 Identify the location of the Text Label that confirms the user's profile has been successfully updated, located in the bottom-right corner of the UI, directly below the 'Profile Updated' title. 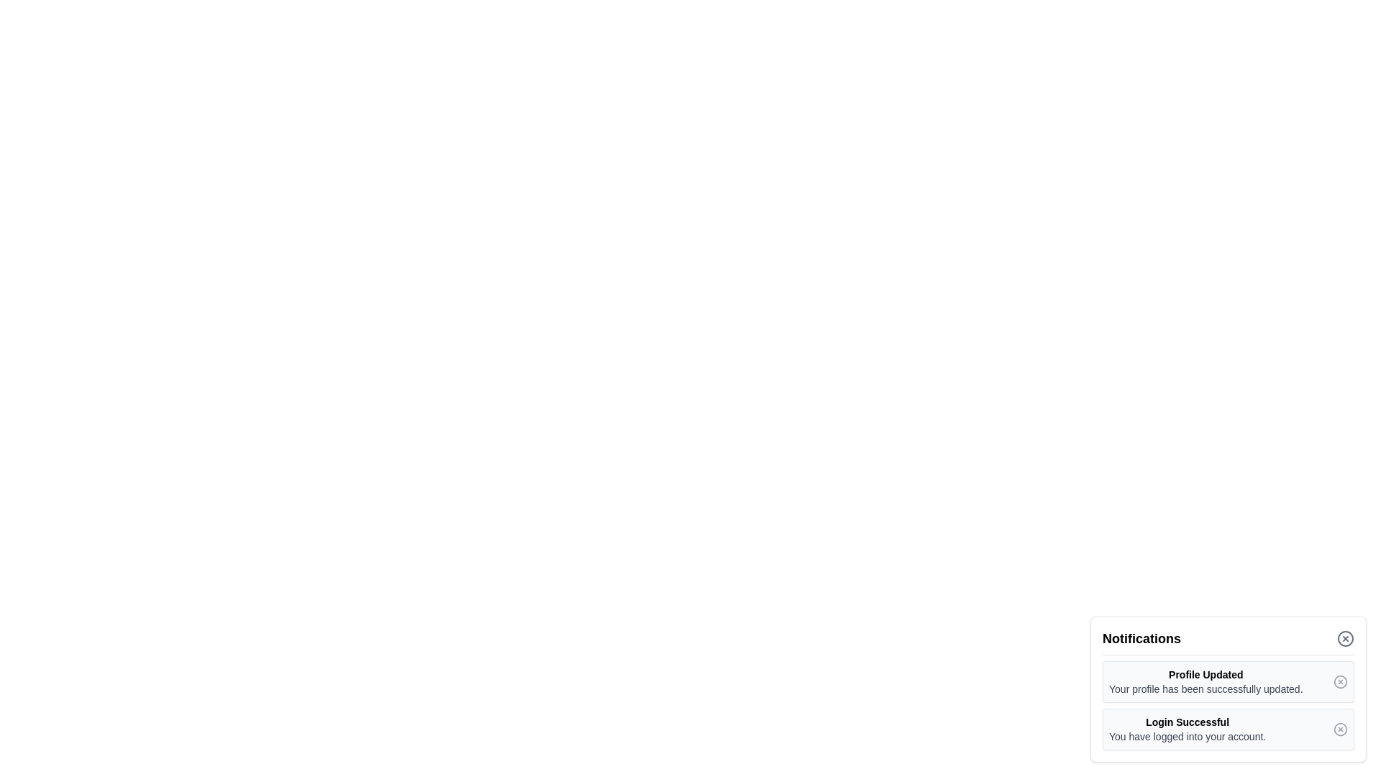
(1205, 688).